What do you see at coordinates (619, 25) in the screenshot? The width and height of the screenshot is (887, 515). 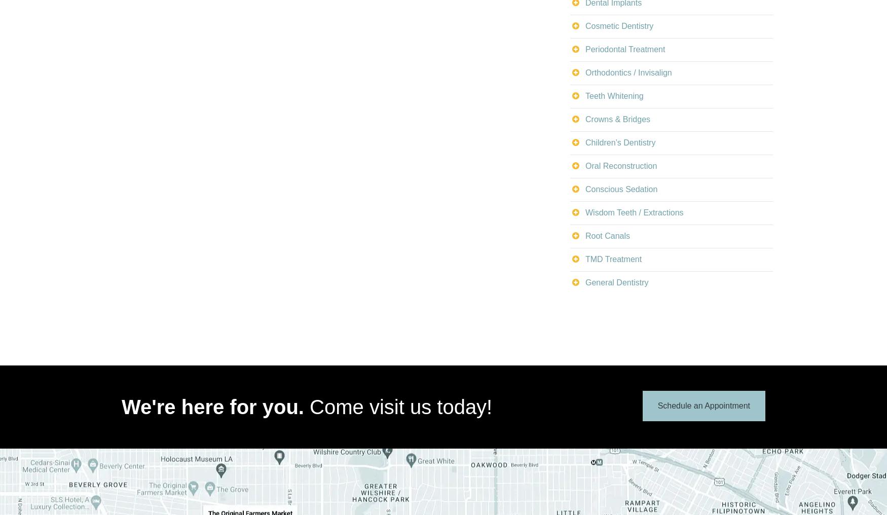 I see `'Cosmetic Dentistry'` at bounding box center [619, 25].